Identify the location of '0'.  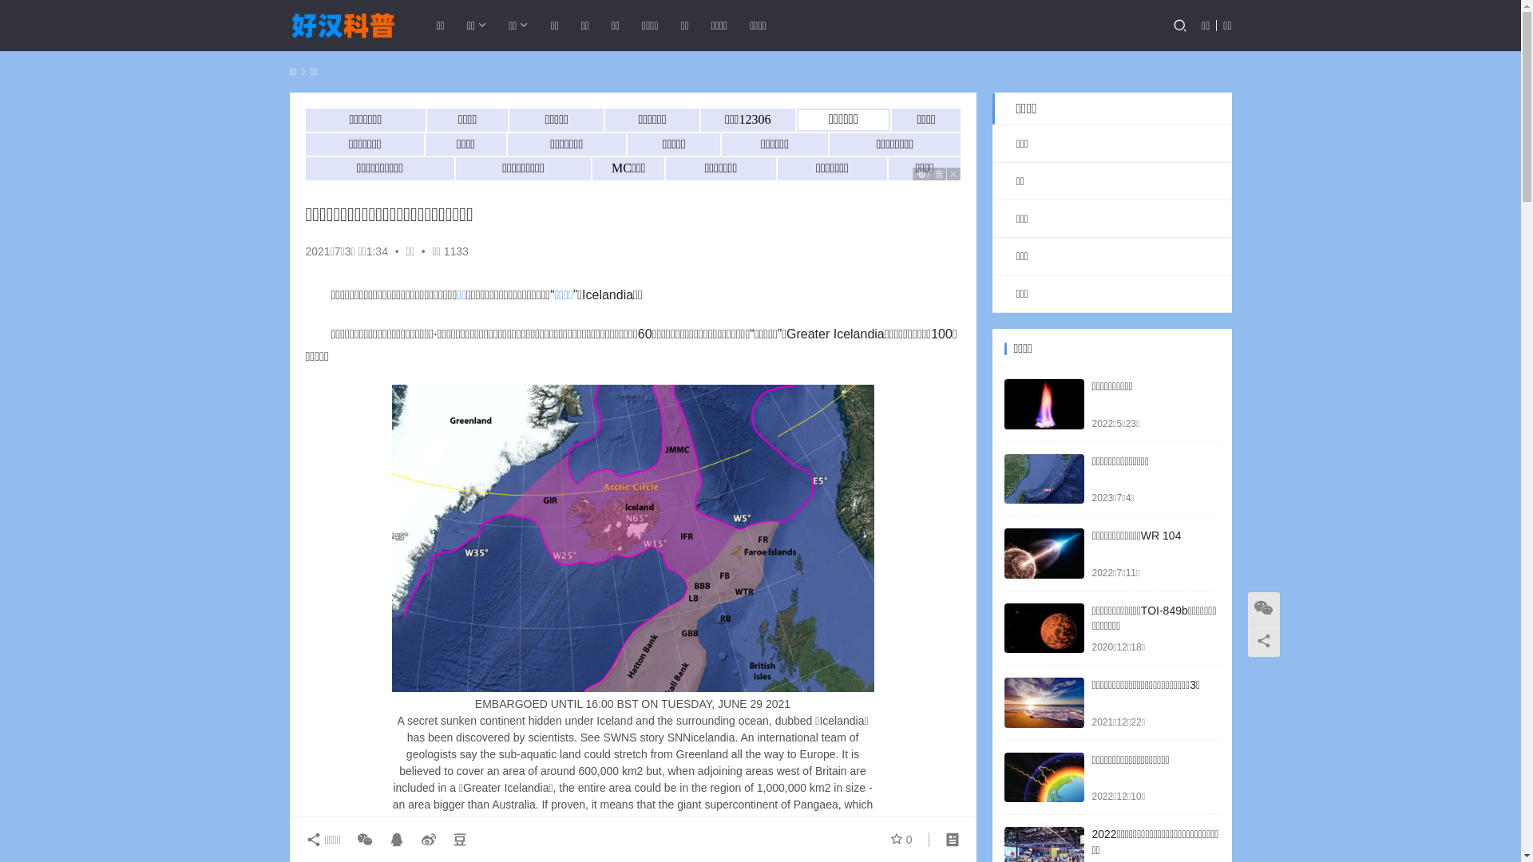
(889, 839).